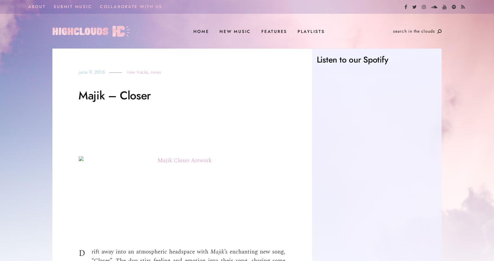 This screenshot has height=261, width=494. What do you see at coordinates (274, 31) in the screenshot?
I see `'FEATURES'` at bounding box center [274, 31].